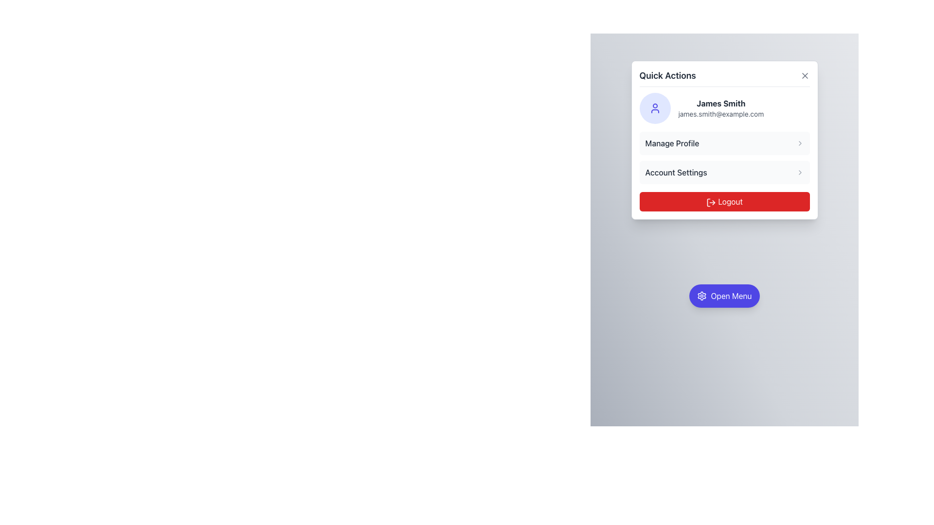 This screenshot has height=525, width=934. Describe the element at coordinates (676, 172) in the screenshot. I see `the menu item label that signifies account settings in the dropdown modal` at that location.